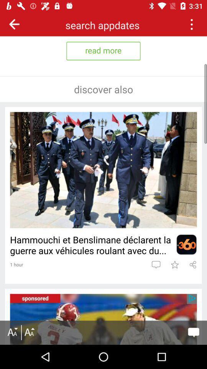 The height and width of the screenshot is (369, 207). Describe the element at coordinates (193, 332) in the screenshot. I see `the chat icon` at that location.